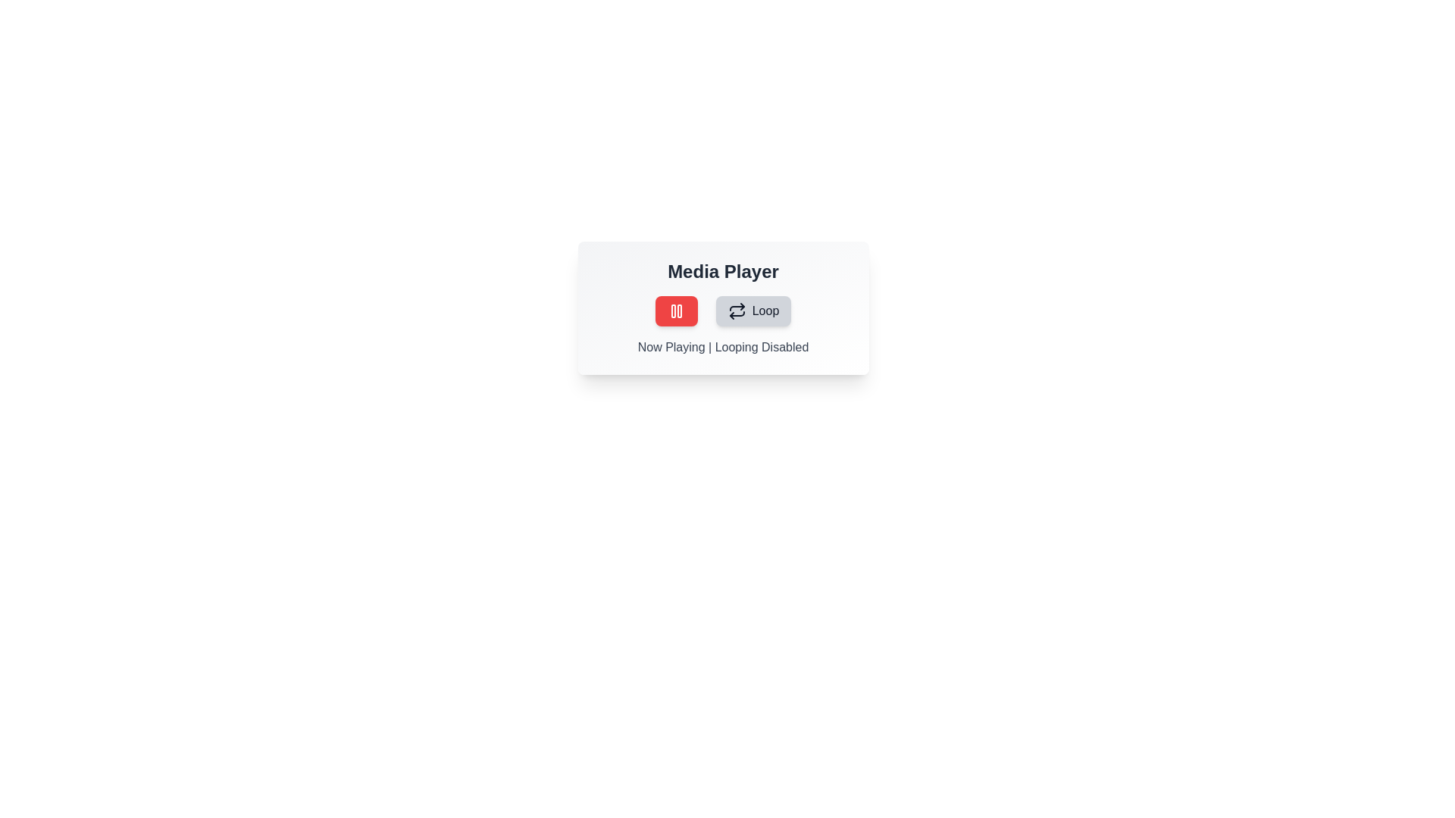 Image resolution: width=1455 pixels, height=818 pixels. What do you see at coordinates (722, 348) in the screenshot?
I see `the status_text of the MediaControlToggle component` at bounding box center [722, 348].